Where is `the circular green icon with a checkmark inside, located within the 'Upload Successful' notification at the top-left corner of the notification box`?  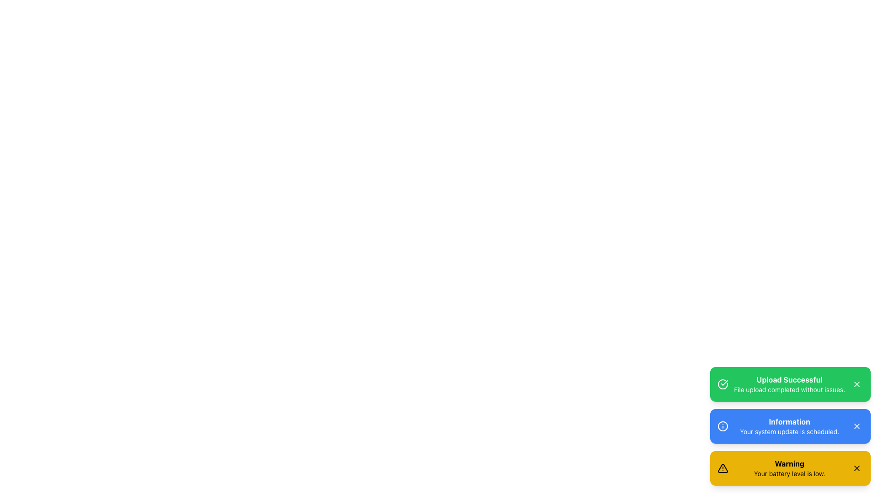 the circular green icon with a checkmark inside, located within the 'Upload Successful' notification at the top-left corner of the notification box is located at coordinates (723, 384).